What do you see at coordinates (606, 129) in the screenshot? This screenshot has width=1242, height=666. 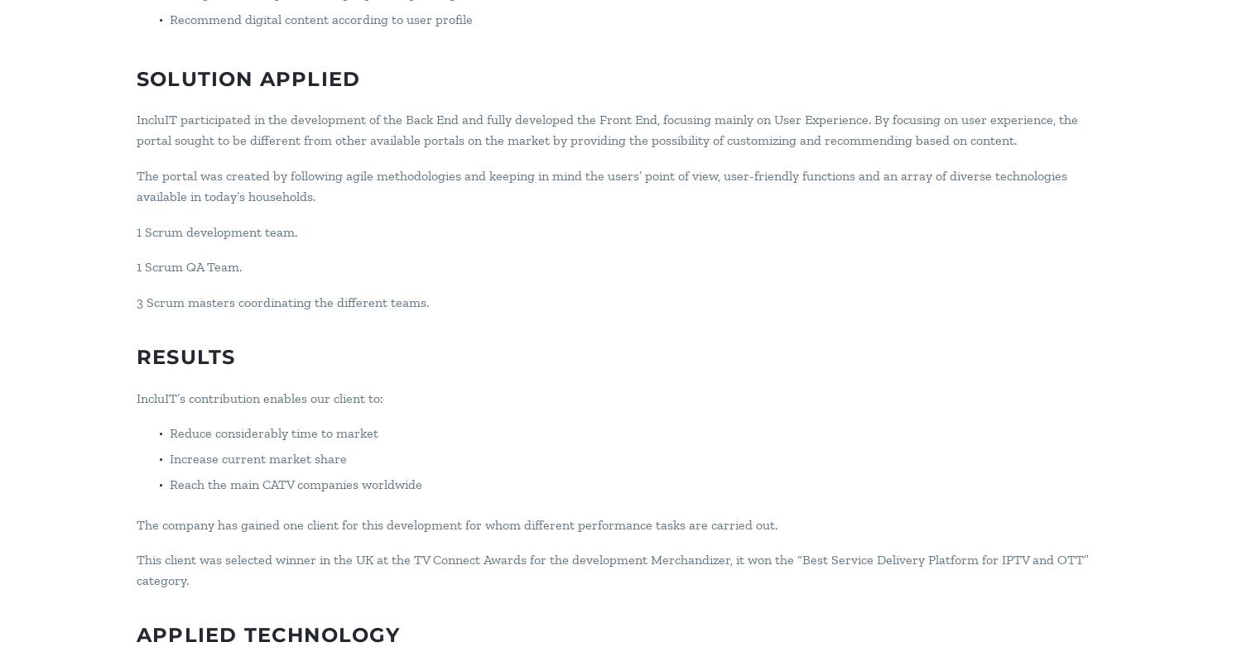 I see `'IncluIT participated in the development of the Back End and fully developed the Front End, focusing mainly on User Experience. By focusing on user experience, the portal sought to be different from other available portals on the market by providing the possibility of customizing and recommending based on content.'` at bounding box center [606, 129].